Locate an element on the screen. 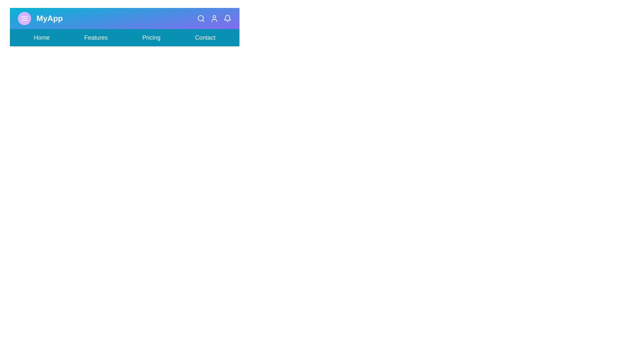 Image resolution: width=635 pixels, height=357 pixels. the navigation link Home to navigate to the corresponding section is located at coordinates (41, 38).